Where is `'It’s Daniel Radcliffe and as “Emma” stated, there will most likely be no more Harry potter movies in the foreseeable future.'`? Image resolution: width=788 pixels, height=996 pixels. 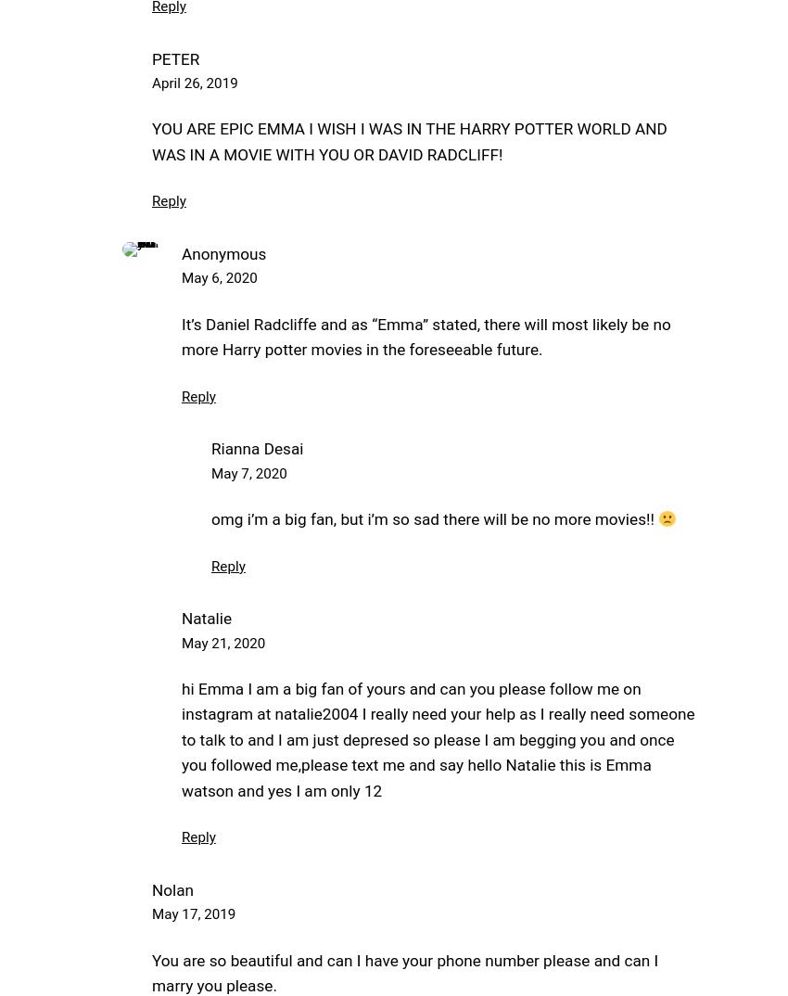 'It’s Daniel Radcliffe and as “Emma” stated, there will most likely be no more Harry potter movies in the foreseeable future.' is located at coordinates (425, 336).